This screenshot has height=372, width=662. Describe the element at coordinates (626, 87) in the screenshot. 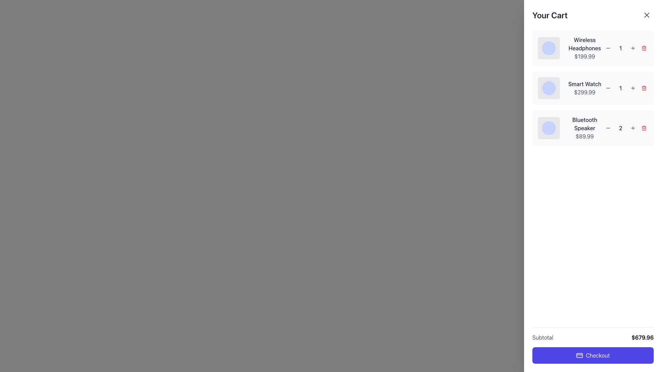

I see `the plus button in the quantity adjustment controls for the Smart Watch item in the shopping cart to increase the quantity` at that location.